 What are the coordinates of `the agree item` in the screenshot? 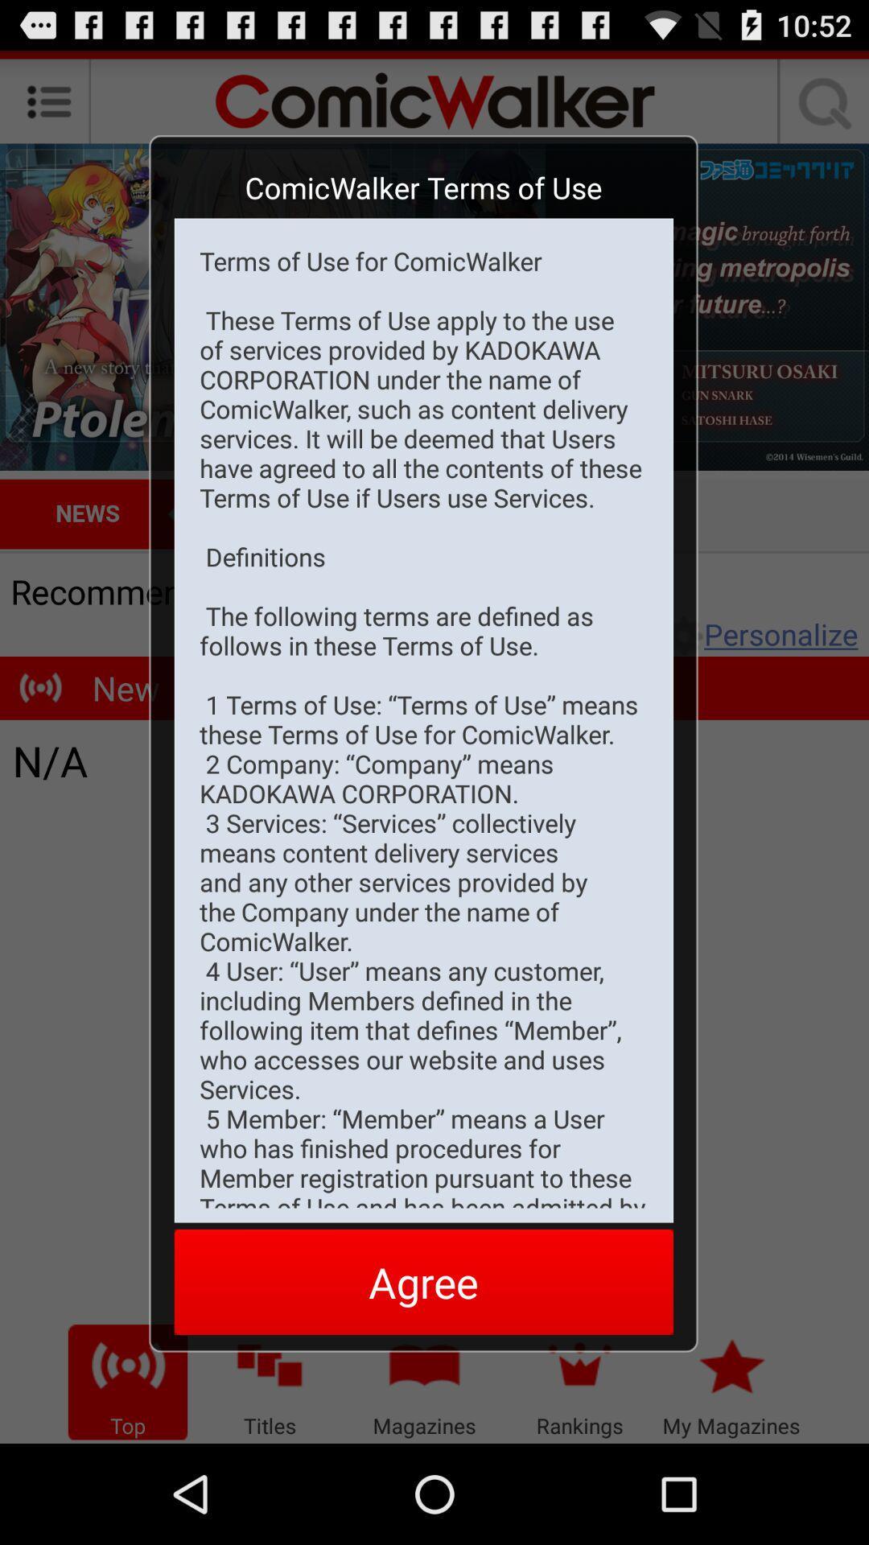 It's located at (422, 1281).